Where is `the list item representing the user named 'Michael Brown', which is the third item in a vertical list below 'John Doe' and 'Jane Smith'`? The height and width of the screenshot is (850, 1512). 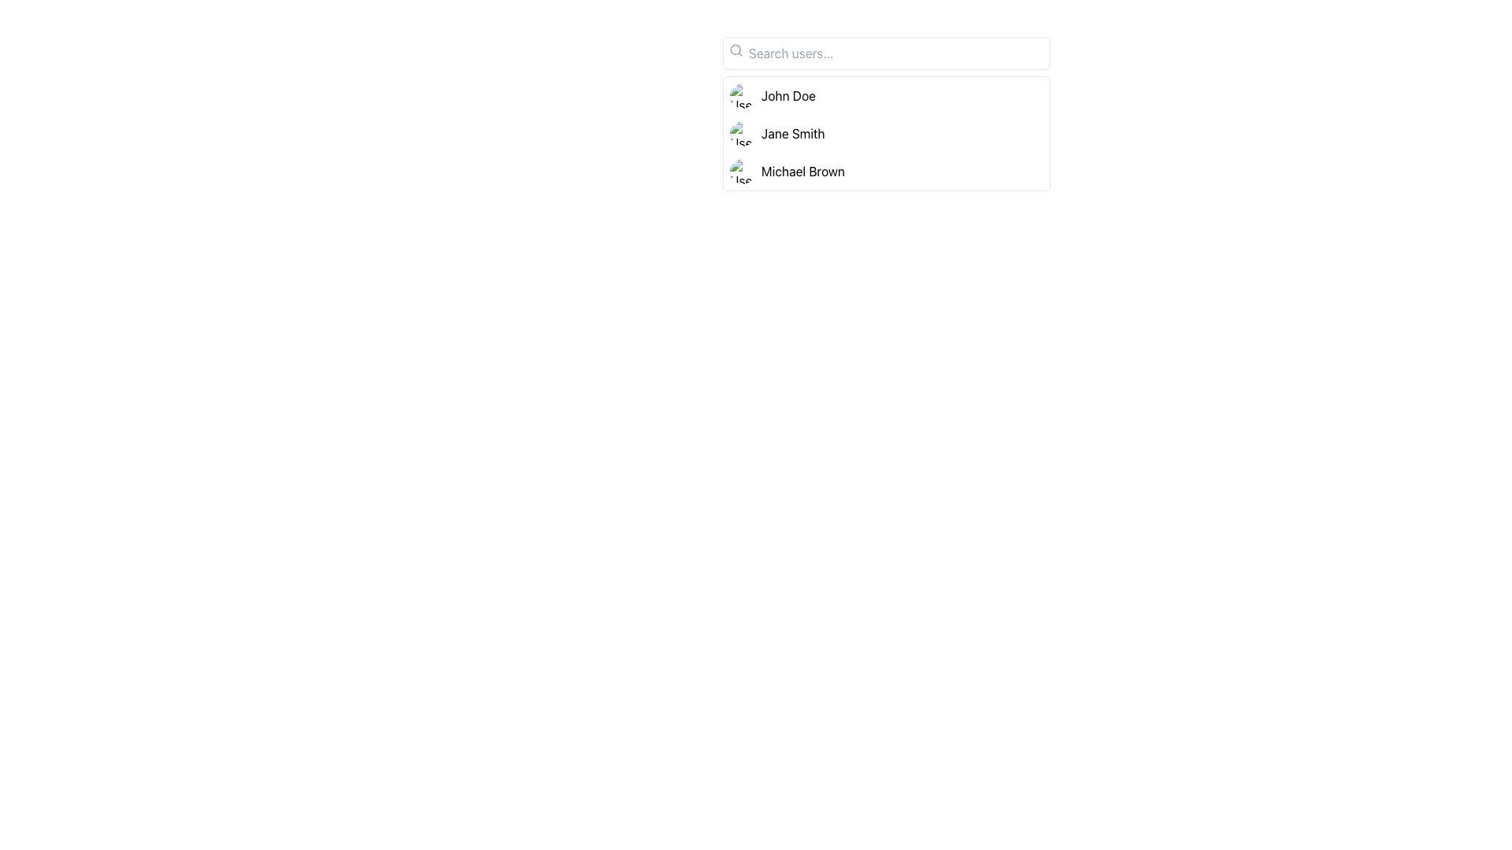 the list item representing the user named 'Michael Brown', which is the third item in a vertical list below 'John Doe' and 'Jane Smith' is located at coordinates (887, 172).